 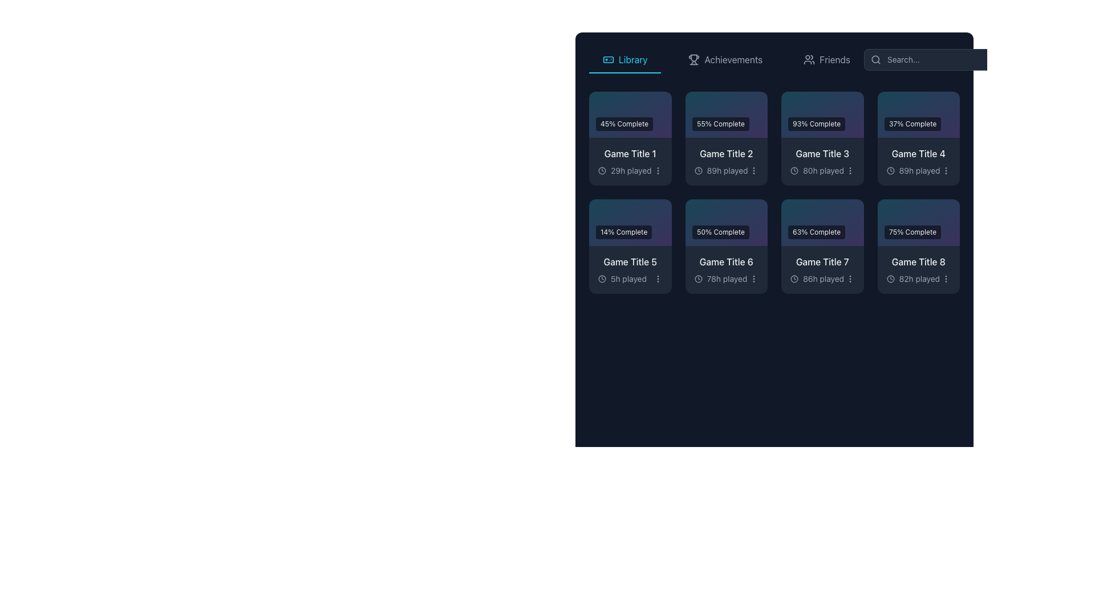 What do you see at coordinates (918, 171) in the screenshot?
I see `the descriptive text '89h played' with the accompanying clock icon, which is located within the game card labeled 'Game Title 4'` at bounding box center [918, 171].